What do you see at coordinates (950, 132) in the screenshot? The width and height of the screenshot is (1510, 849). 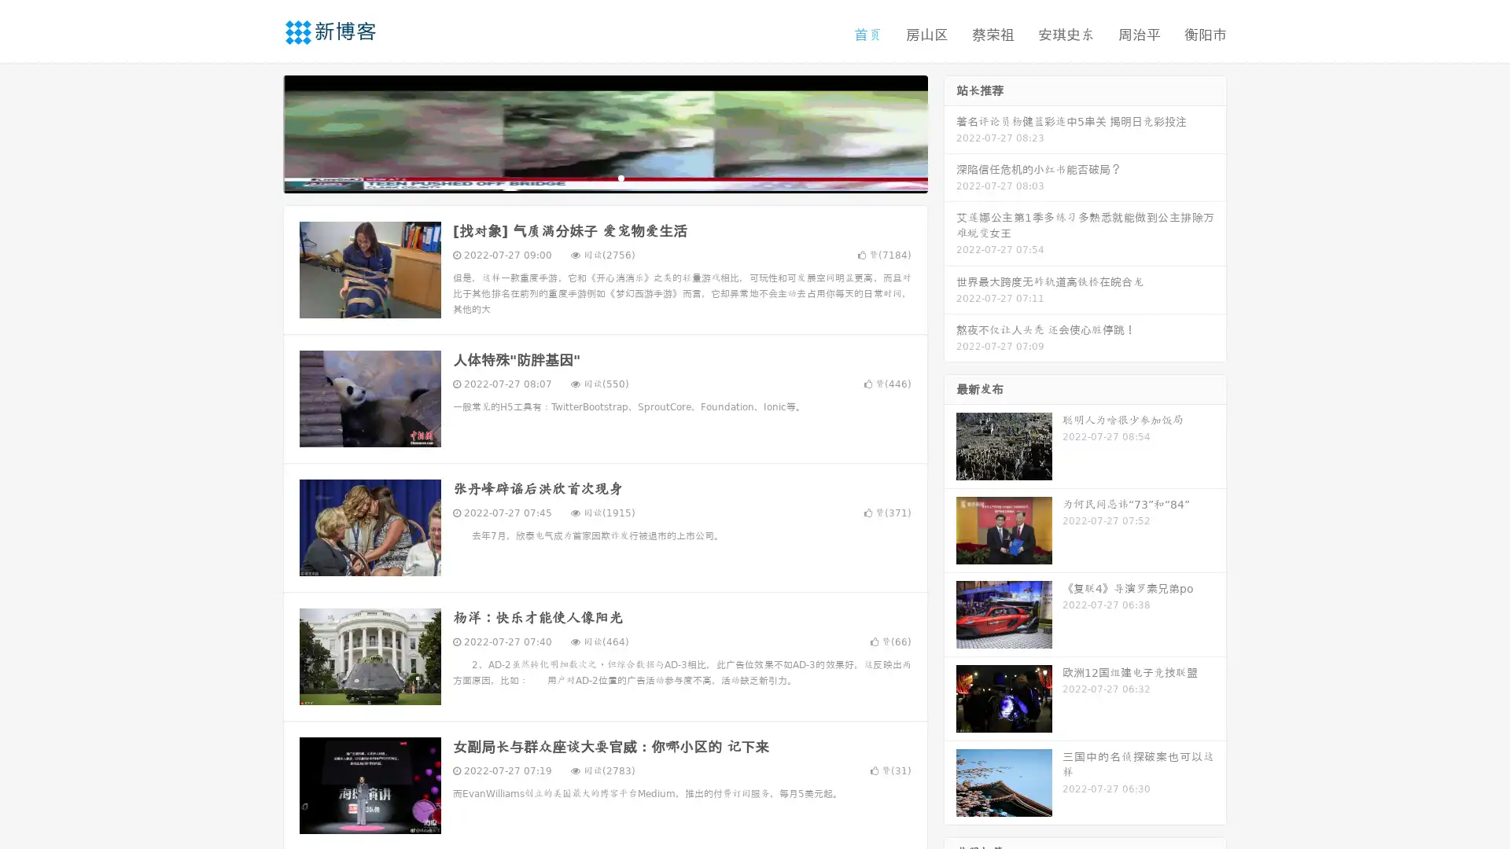 I see `Next slide` at bounding box center [950, 132].